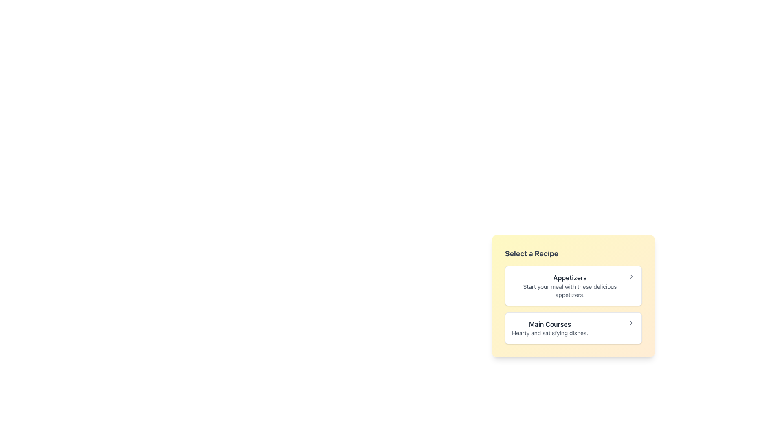  Describe the element at coordinates (631, 323) in the screenshot. I see `the small gray chevron-shaped arrow icon located on the far right of the 'Main Courses' section` at that location.